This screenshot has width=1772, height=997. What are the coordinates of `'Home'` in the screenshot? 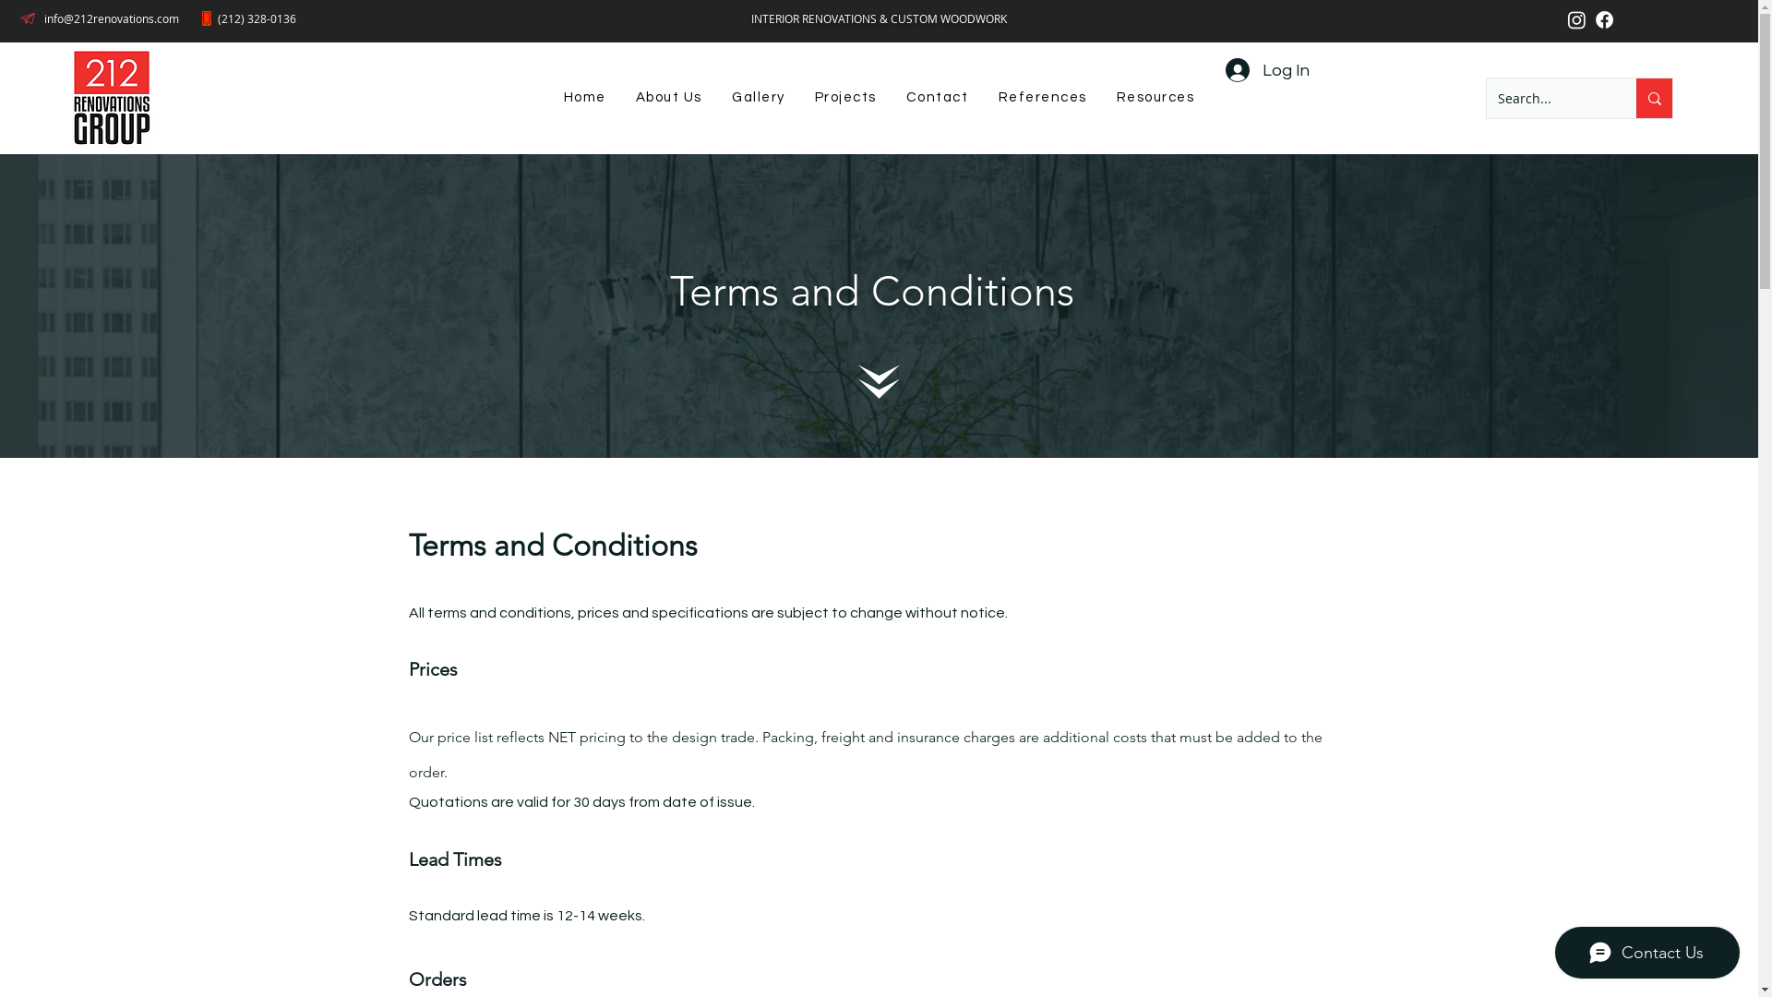 It's located at (583, 98).